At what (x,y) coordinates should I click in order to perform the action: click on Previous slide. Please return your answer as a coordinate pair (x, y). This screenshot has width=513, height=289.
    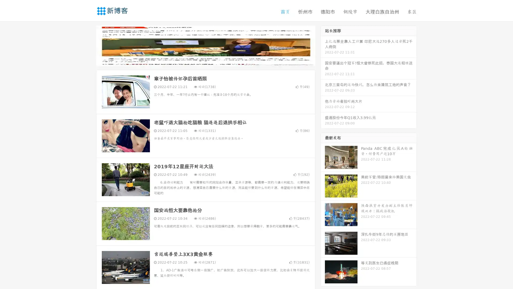
    Looking at the image, I should click on (88, 45).